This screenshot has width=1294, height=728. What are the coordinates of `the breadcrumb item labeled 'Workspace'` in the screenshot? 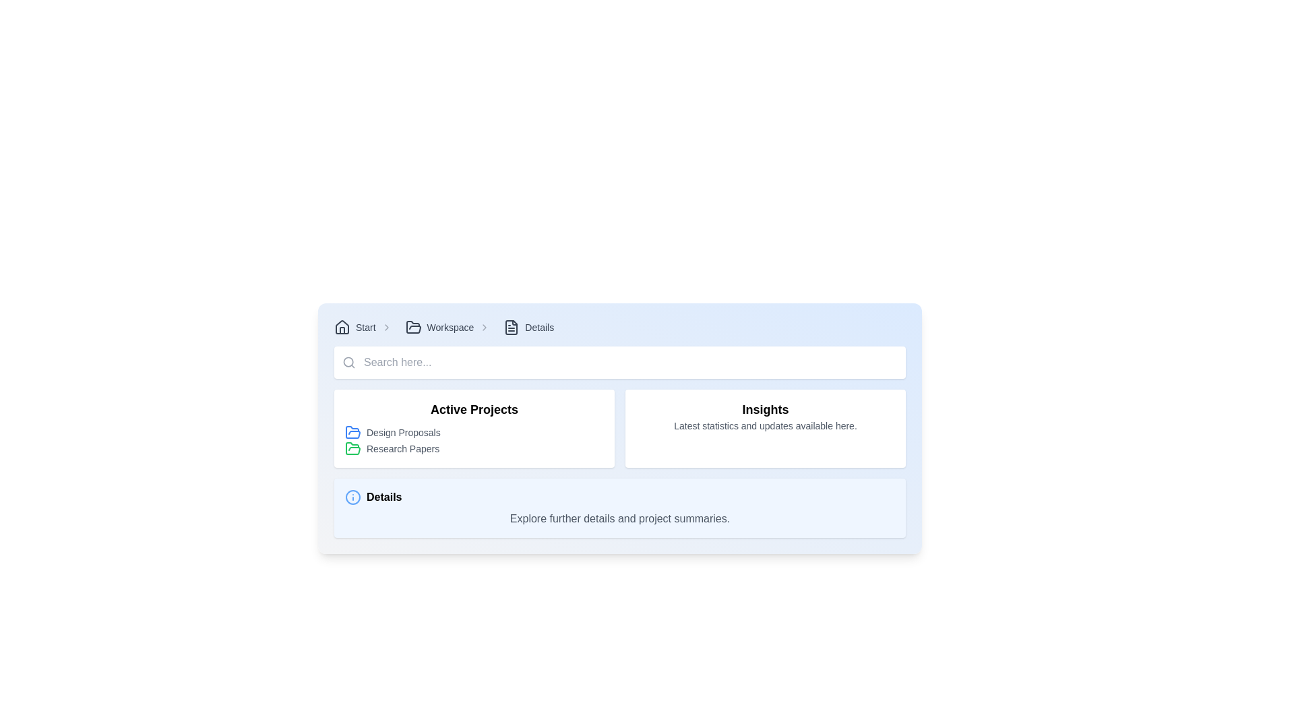 It's located at (450, 328).